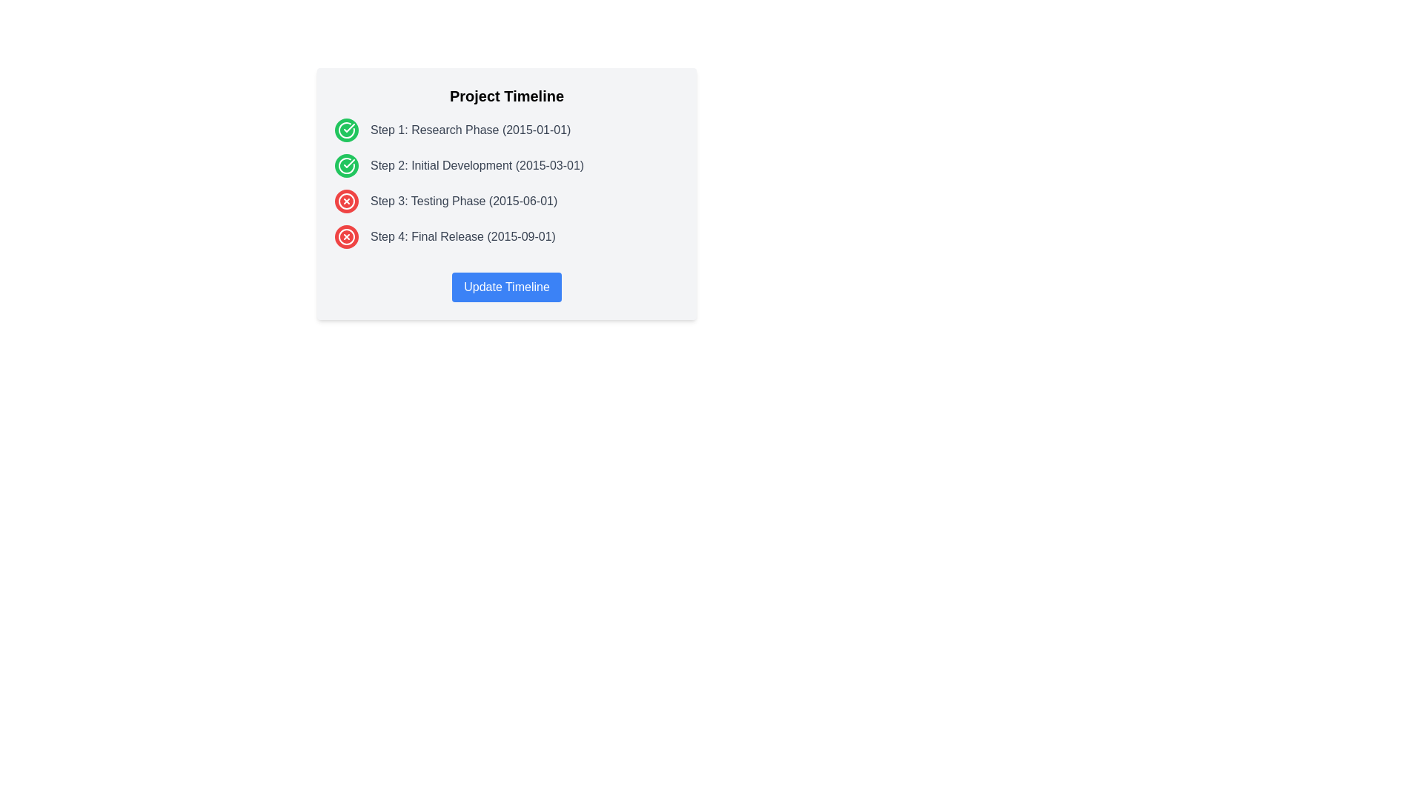 This screenshot has width=1423, height=800. I want to click on the red circular icon with an 'X' symbol located in the rightmost column of the list labeled 'Step 3: Testing Phase (2015-06-01)', so click(345, 236).